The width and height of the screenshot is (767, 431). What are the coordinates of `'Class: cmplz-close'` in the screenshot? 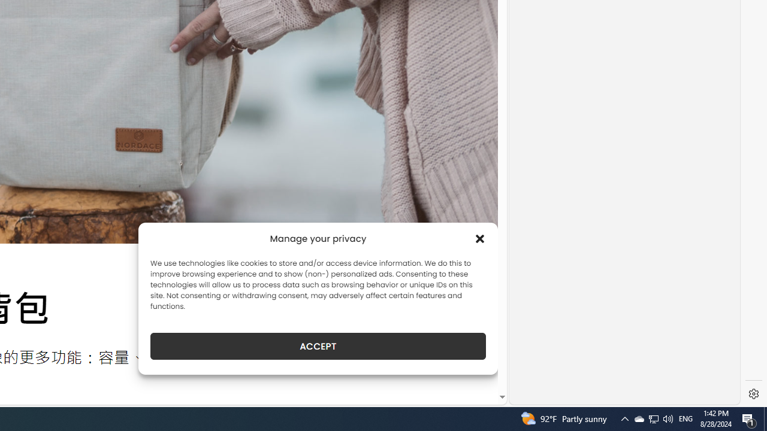 It's located at (480, 238).